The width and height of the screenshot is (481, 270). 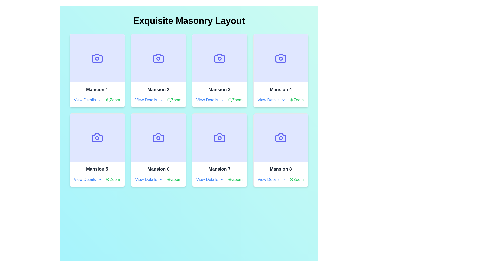 I want to click on text label located in the bottom half of the seventh card from the left in a grid of eight cards, positioned below an image icon and above the interactive links ('View Details' and 'Zoom'), so click(x=219, y=169).